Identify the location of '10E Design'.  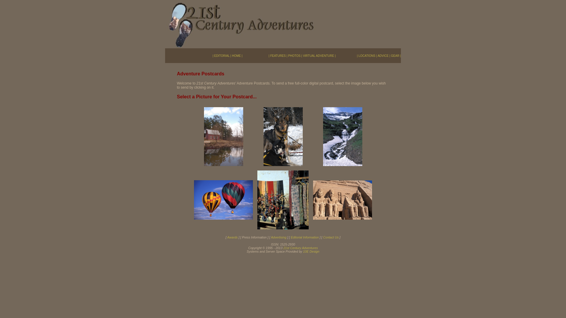
(311, 251).